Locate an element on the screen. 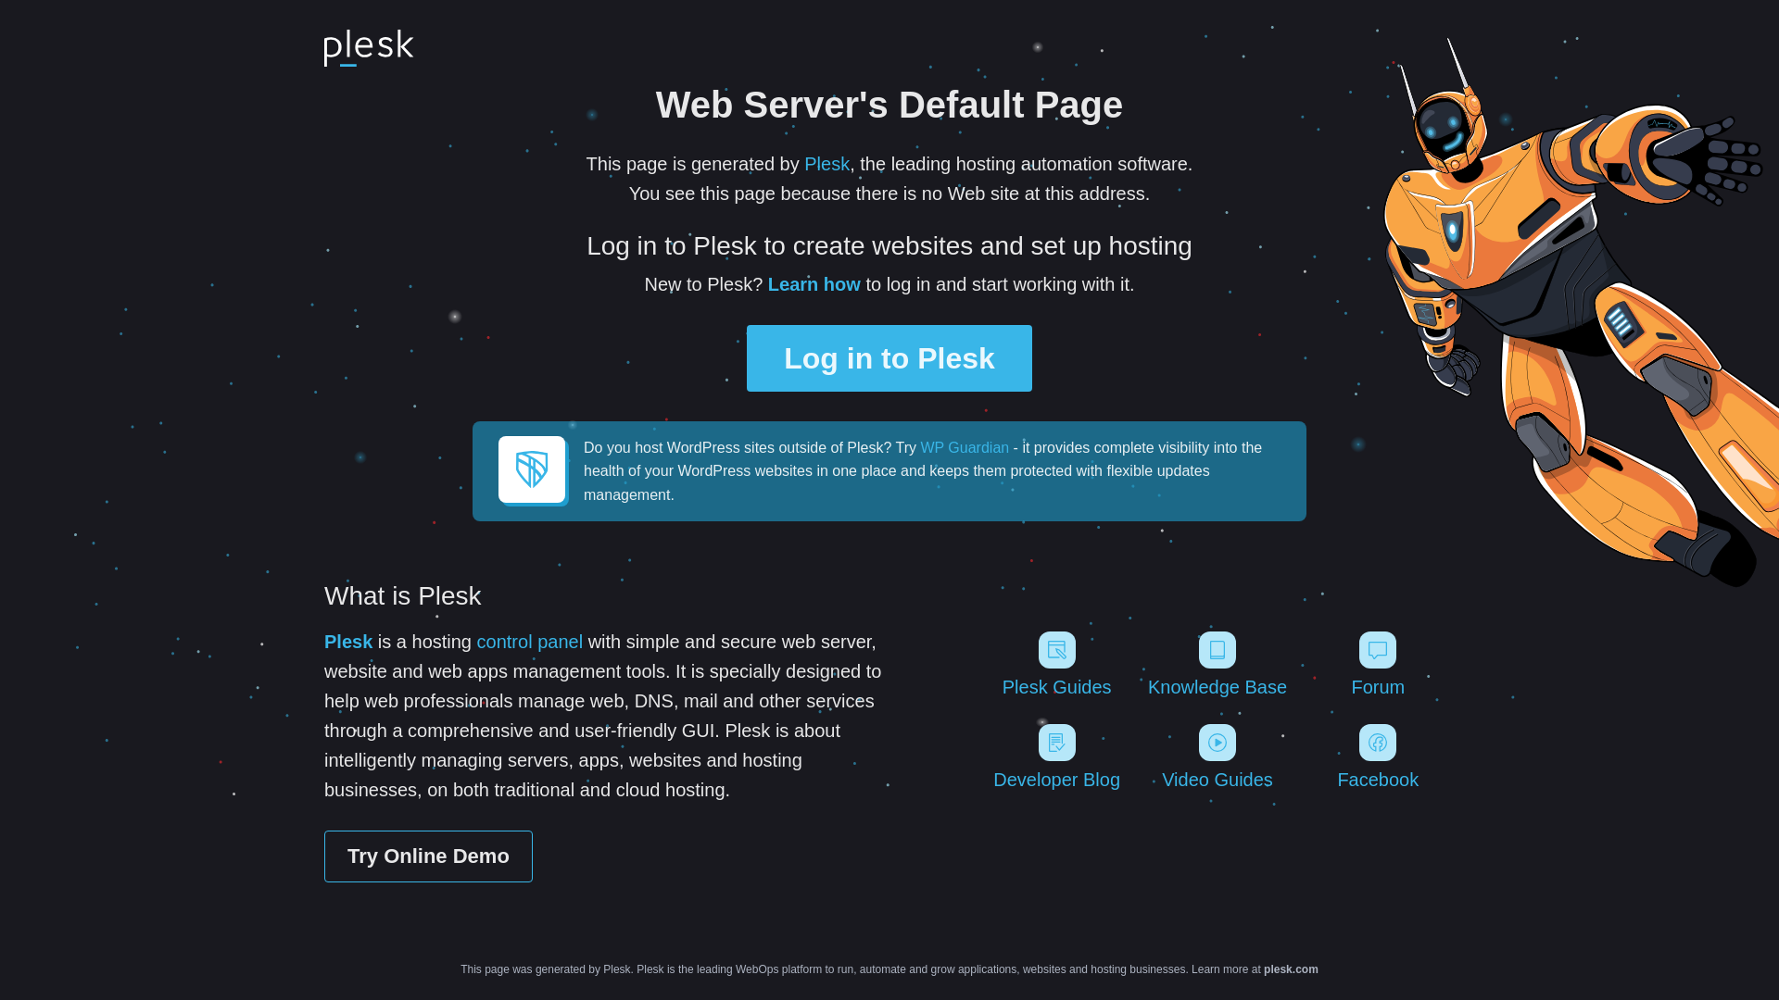 The width and height of the screenshot is (1779, 1000). 'plesk.com' is located at coordinates (1262, 968).